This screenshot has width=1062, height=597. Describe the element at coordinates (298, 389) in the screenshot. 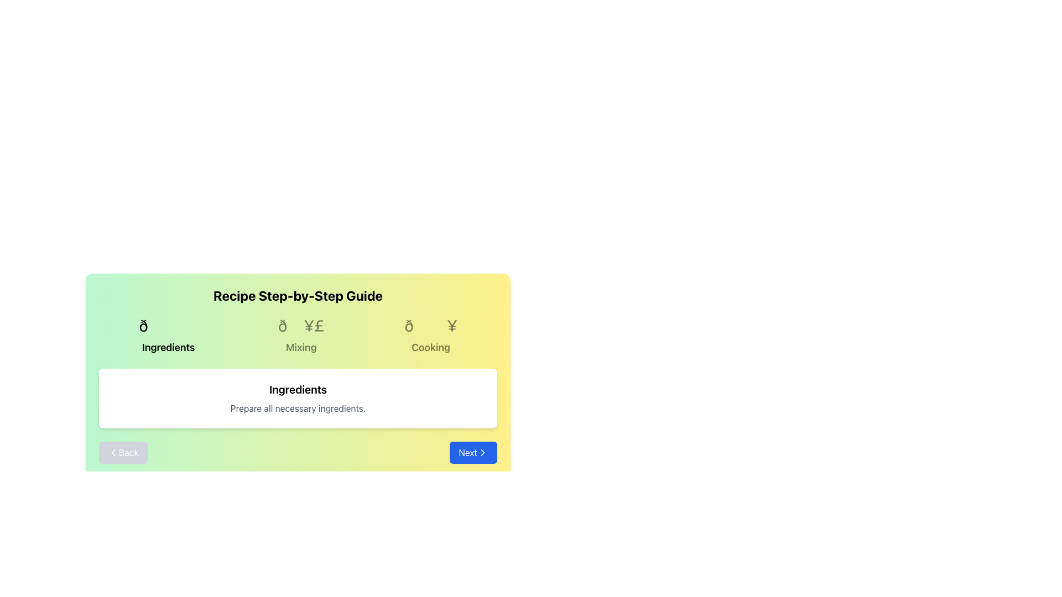

I see `Text Label that serves as the heading or title for the content related to instructions on ingredients, located above the text 'Prepare all necessary ingredients.'` at that location.